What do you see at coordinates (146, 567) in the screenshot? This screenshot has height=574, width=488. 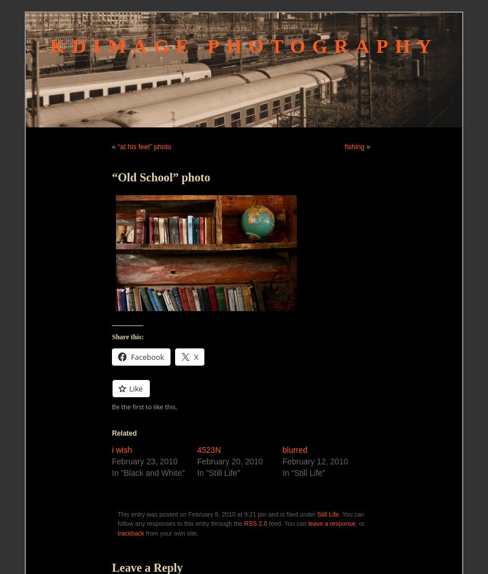 I see `'Leave a Reply'` at bounding box center [146, 567].